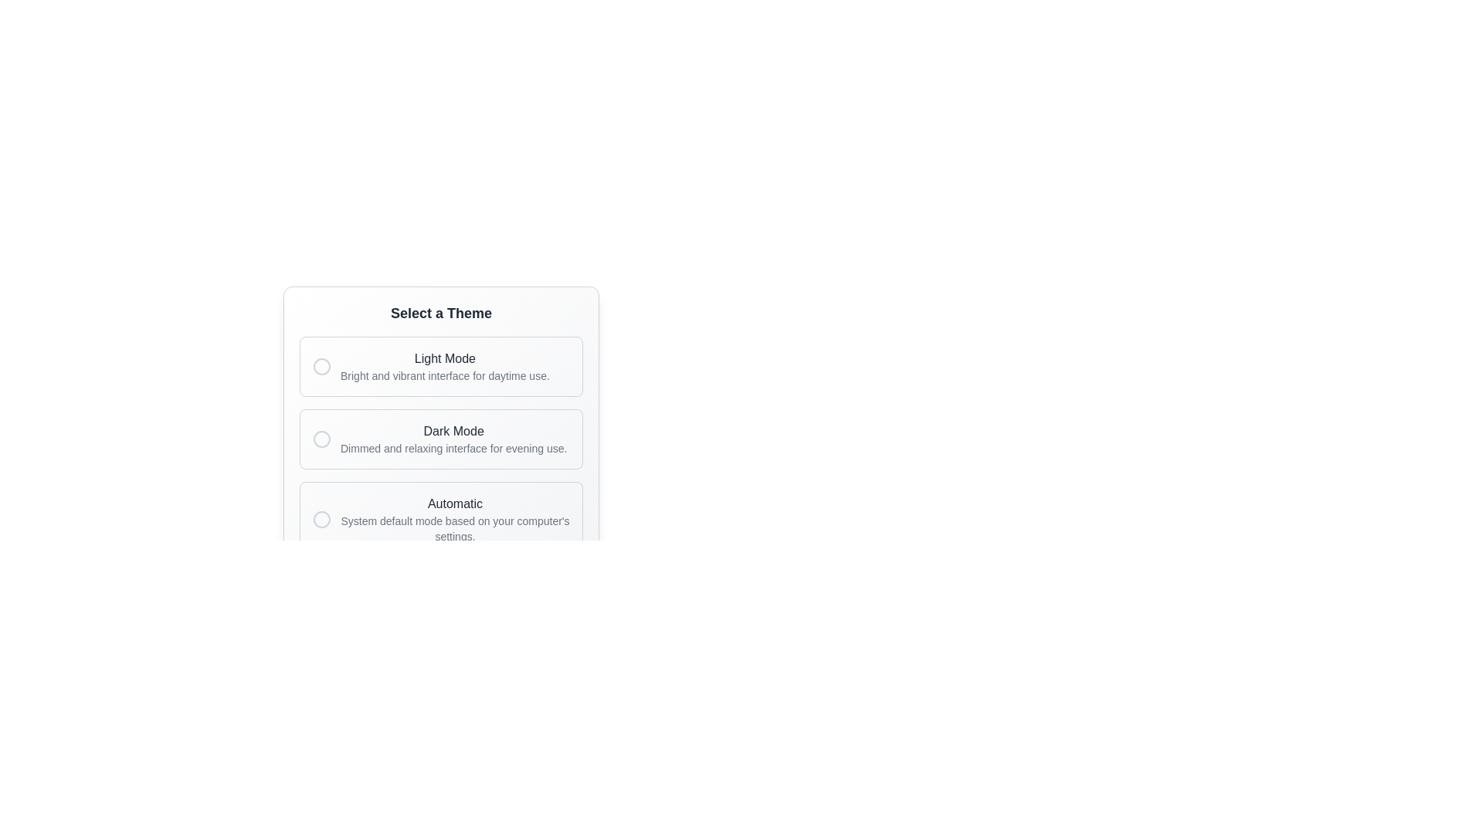 This screenshot has width=1483, height=834. Describe the element at coordinates (321, 519) in the screenshot. I see `the gray outlined circular radio button located at the left end of the 'Automatic' option` at that location.